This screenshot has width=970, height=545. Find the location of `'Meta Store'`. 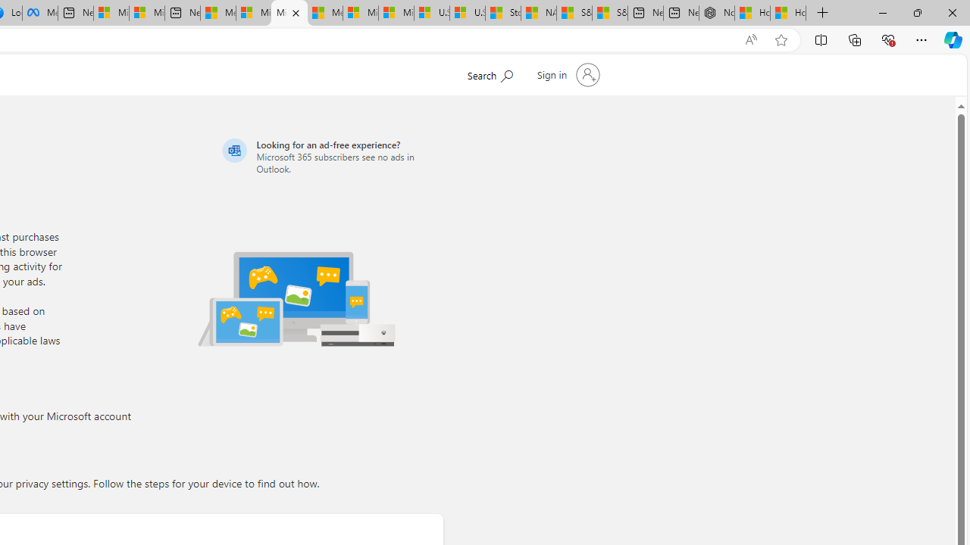

'Meta Store' is located at coordinates (39, 13).